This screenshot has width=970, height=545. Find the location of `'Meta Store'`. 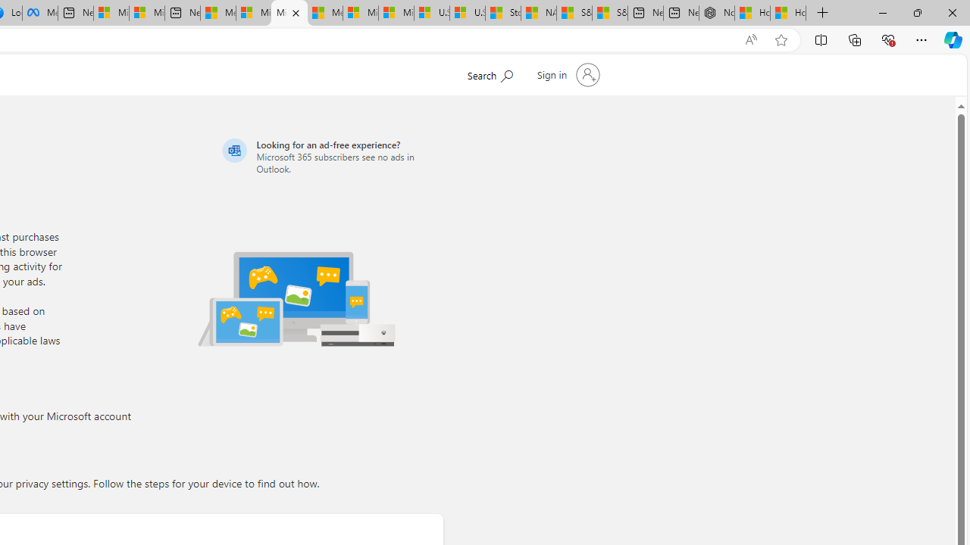

'Meta Store' is located at coordinates (39, 13).